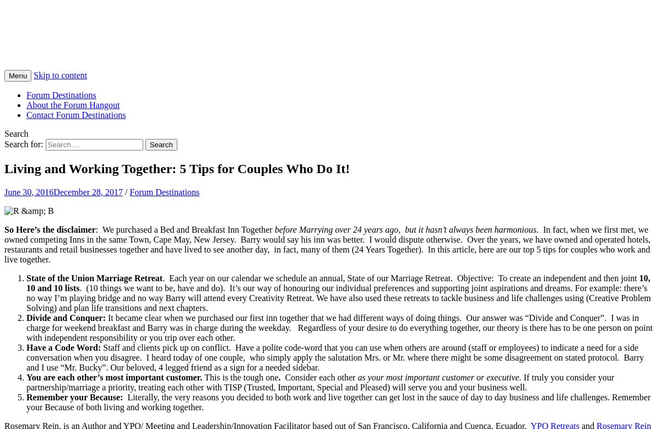 This screenshot has width=661, height=429. I want to click on 'State of the Union Marriage Retreat', so click(94, 277).